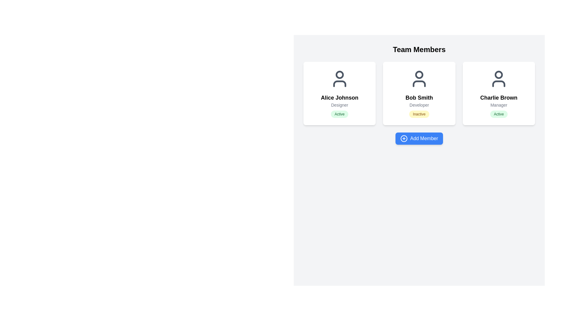  I want to click on the informational badge indicating the status 'Active' for the person associated with the card for 'Alice Johnson', positioned at the bottom of the card, so click(339, 114).